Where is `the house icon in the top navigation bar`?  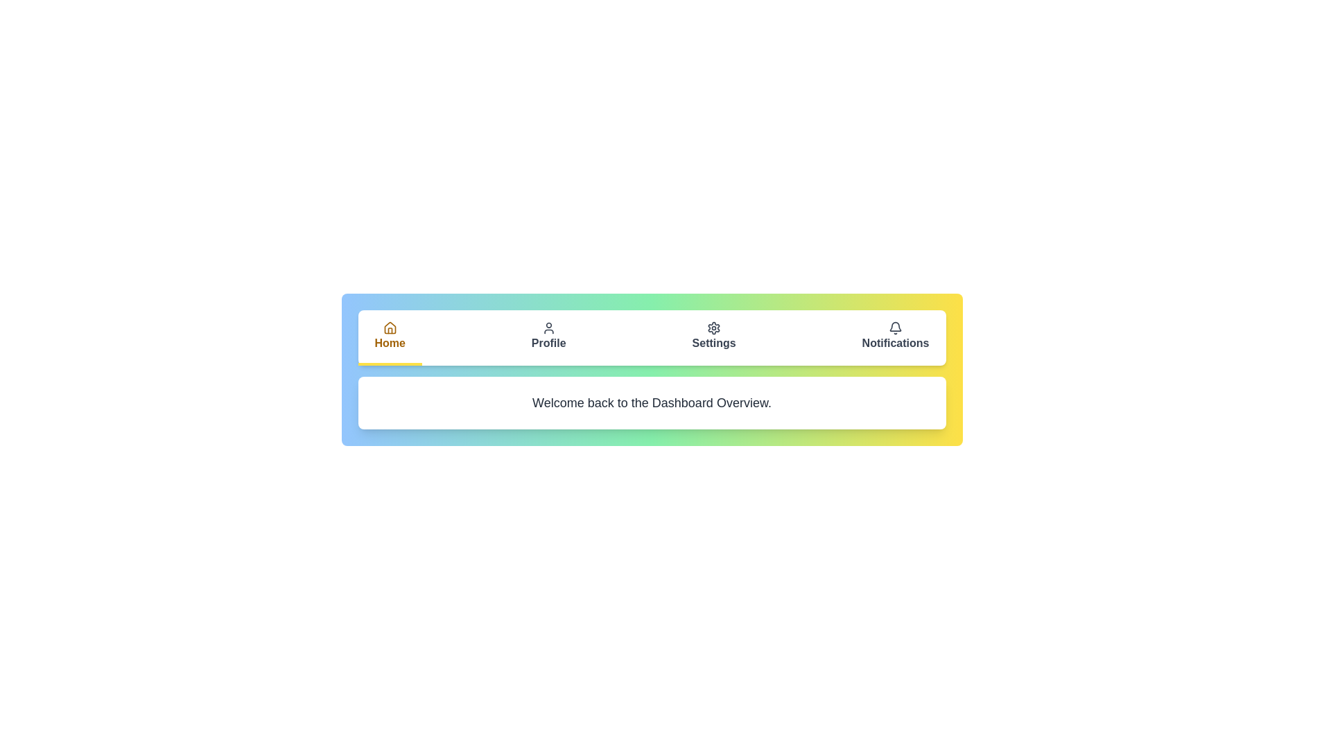 the house icon in the top navigation bar is located at coordinates (389, 328).